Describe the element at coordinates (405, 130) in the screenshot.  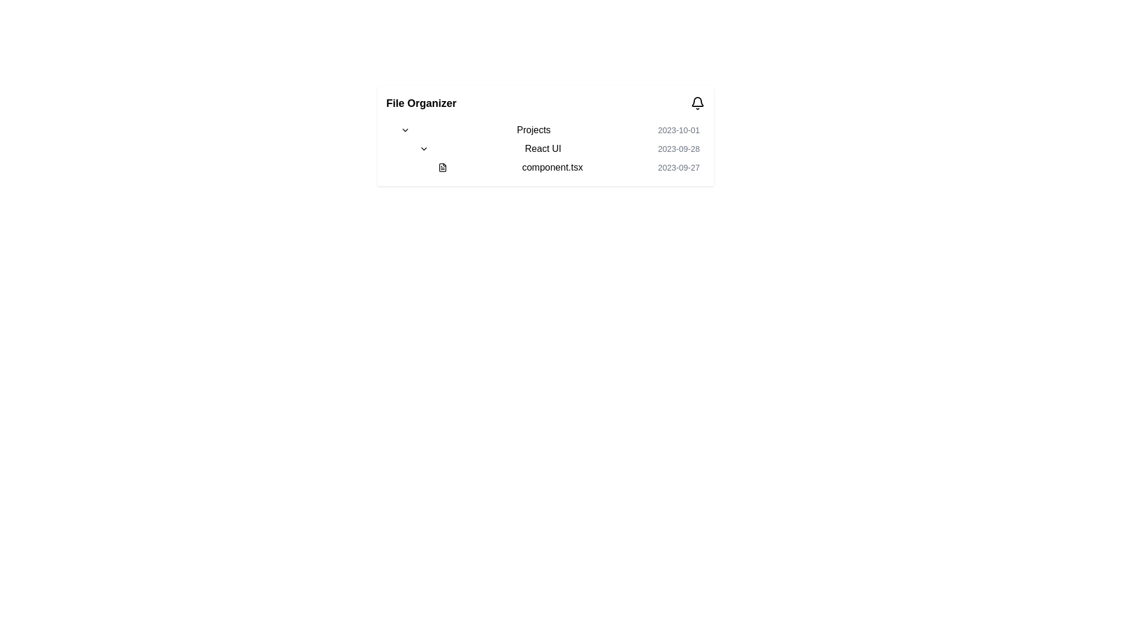
I see `the downward-pointing chevron icon located to the left of the 'Projects' label in the 'File Organizer' section to possibly reveal additional information` at that location.